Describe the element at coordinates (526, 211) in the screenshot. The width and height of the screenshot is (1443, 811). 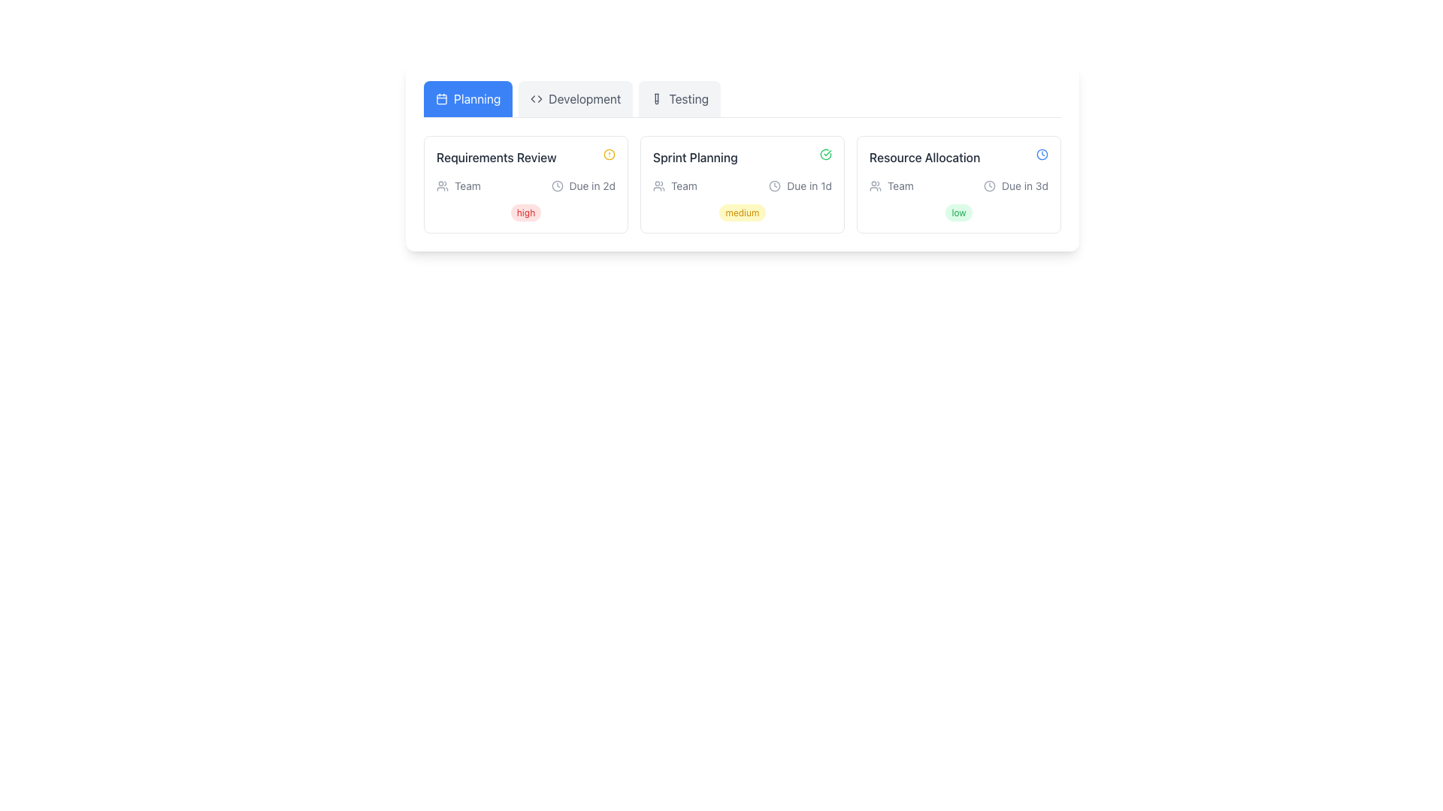
I see `the 'high' label with a small, rounded red background, located at the bottom of the 'Requirements Review' card in the 'Planning' section` at that location.